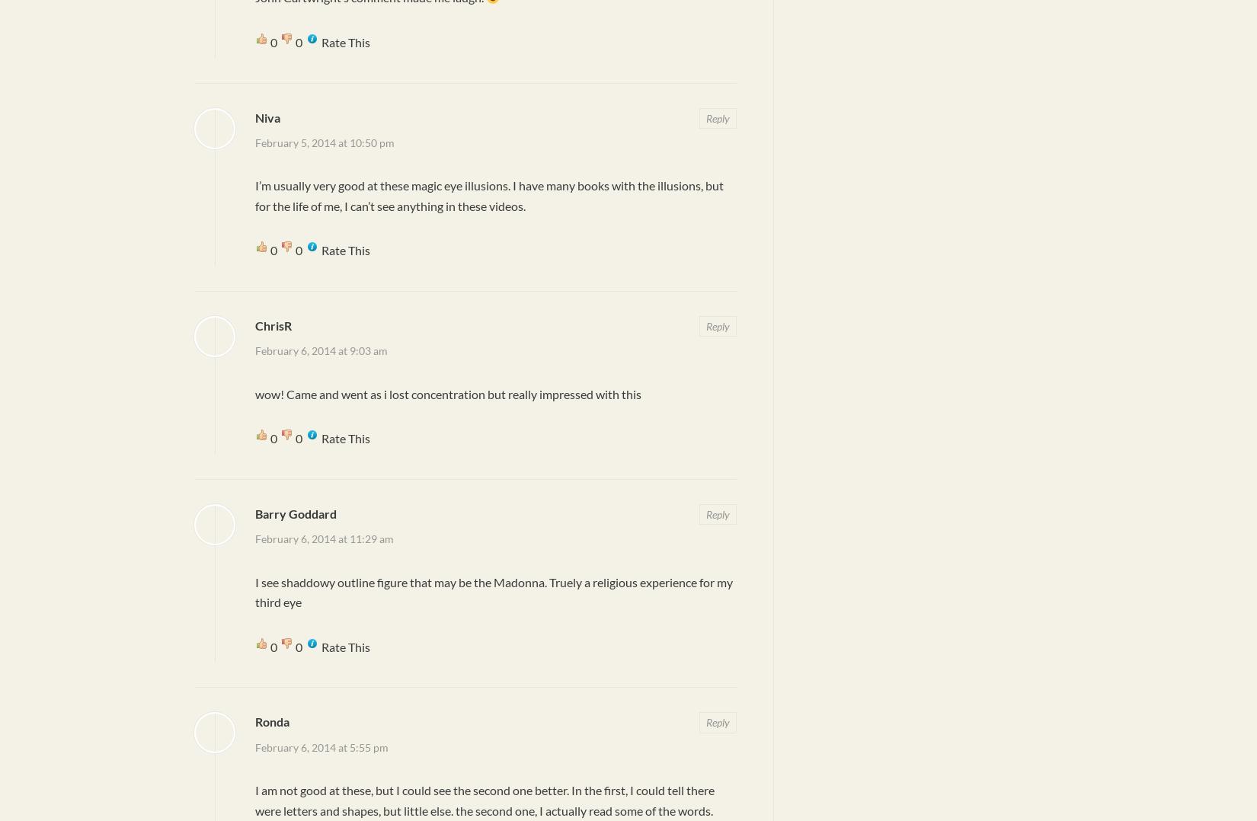  What do you see at coordinates (447, 393) in the screenshot?
I see `'wow! Came and went as i lost concentration but really impressed with this'` at bounding box center [447, 393].